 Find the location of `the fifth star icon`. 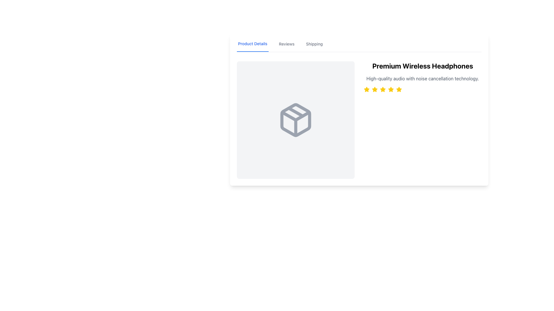

the fifth star icon is located at coordinates (398, 89).